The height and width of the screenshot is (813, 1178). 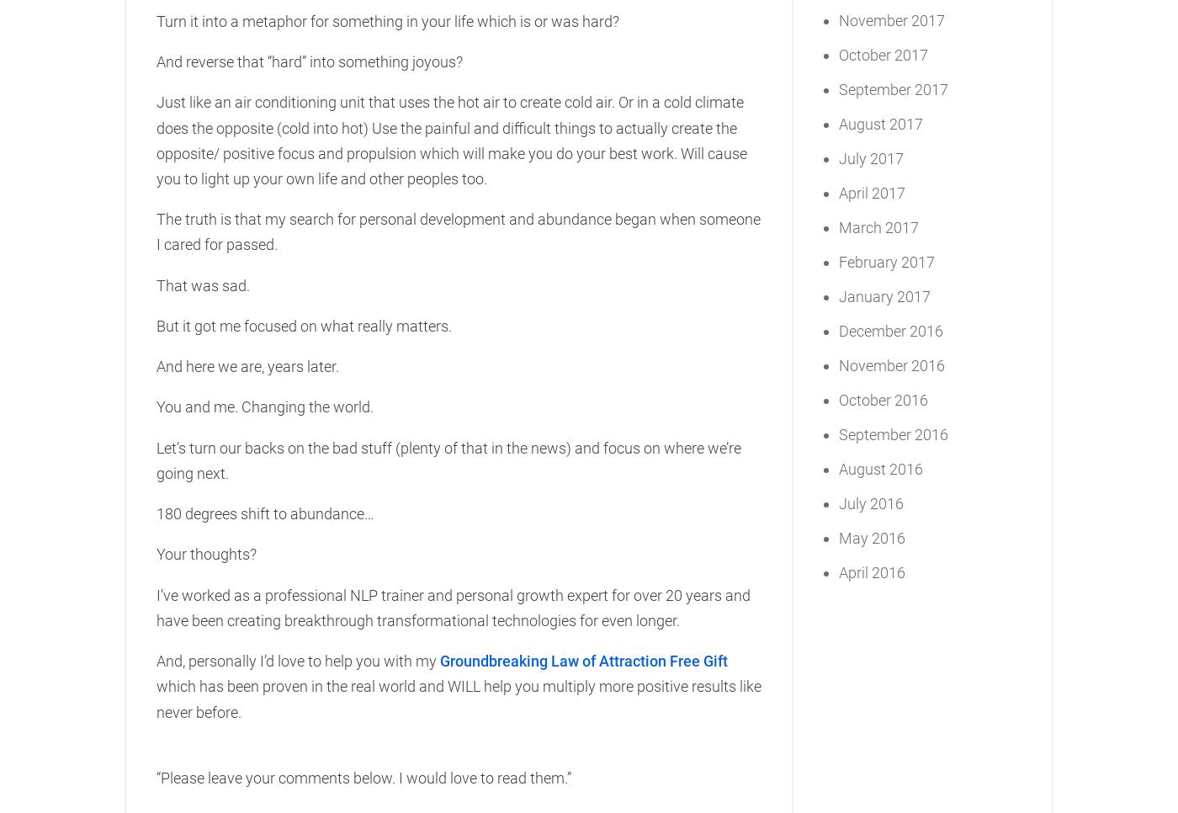 What do you see at coordinates (872, 571) in the screenshot?
I see `'April 2016'` at bounding box center [872, 571].